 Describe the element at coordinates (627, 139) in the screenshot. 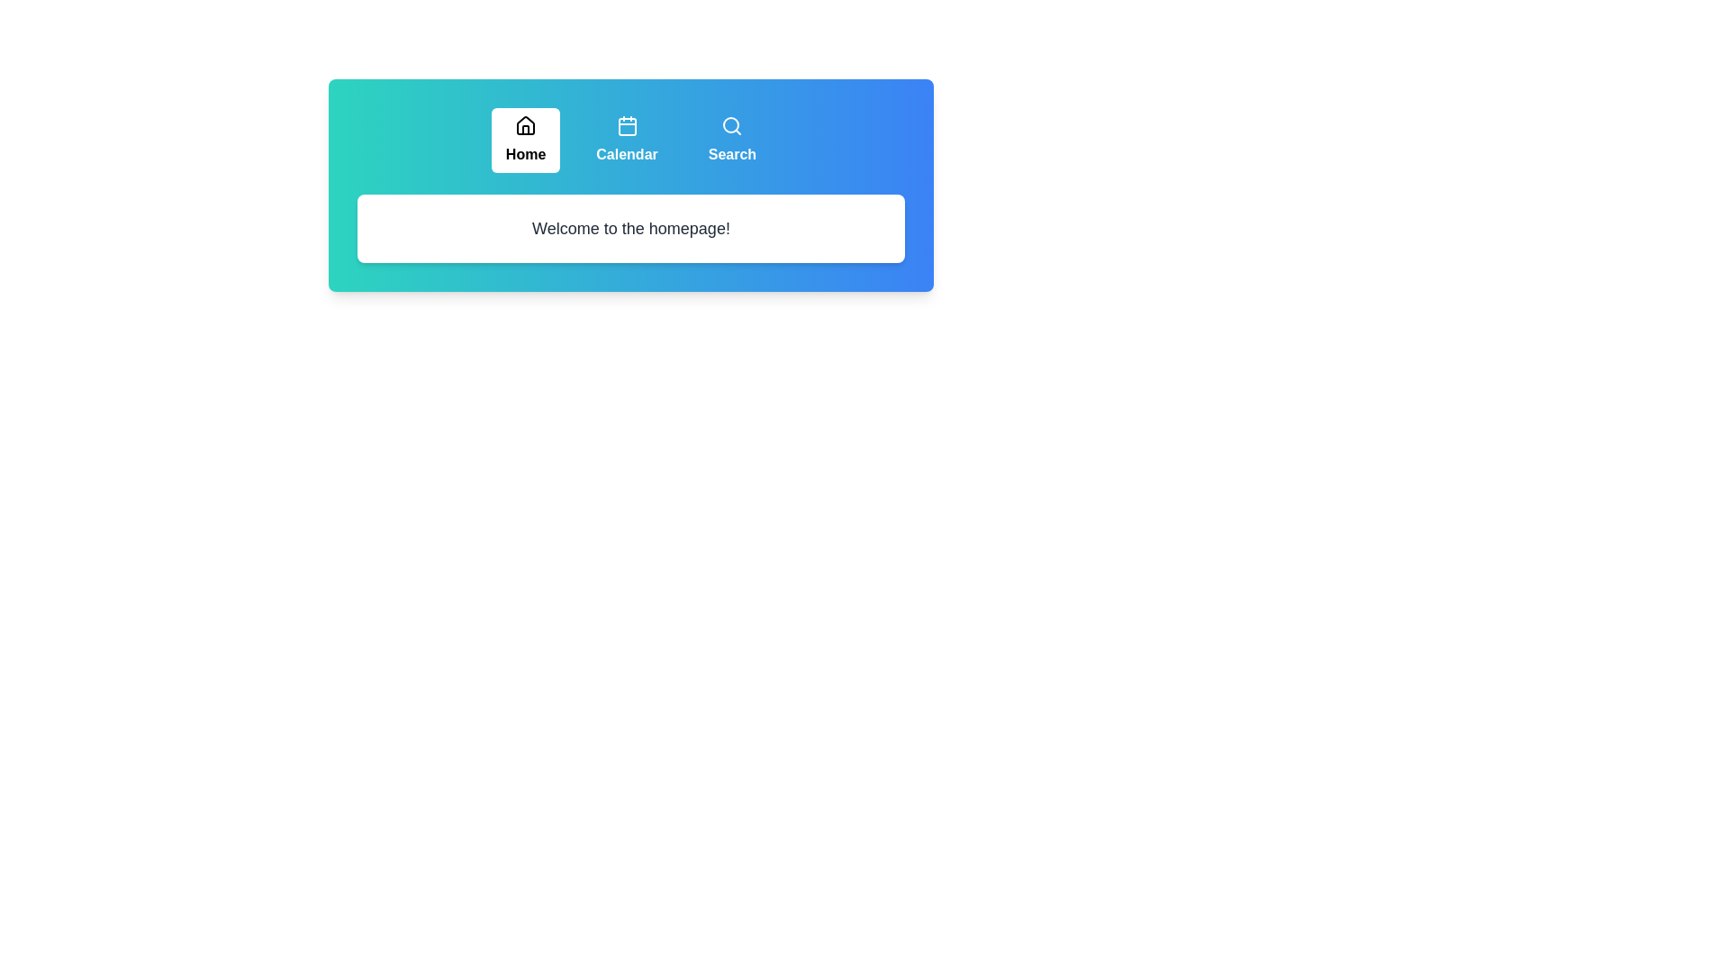

I see `the Calendar tab to display its content` at that location.